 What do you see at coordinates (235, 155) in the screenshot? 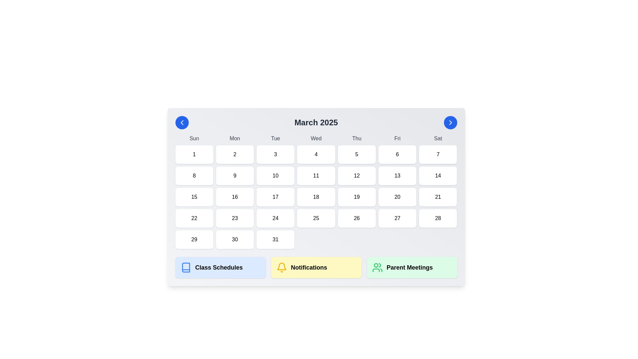
I see `the calendar day cell representing day '2' in the first row under 'Mon'` at bounding box center [235, 155].